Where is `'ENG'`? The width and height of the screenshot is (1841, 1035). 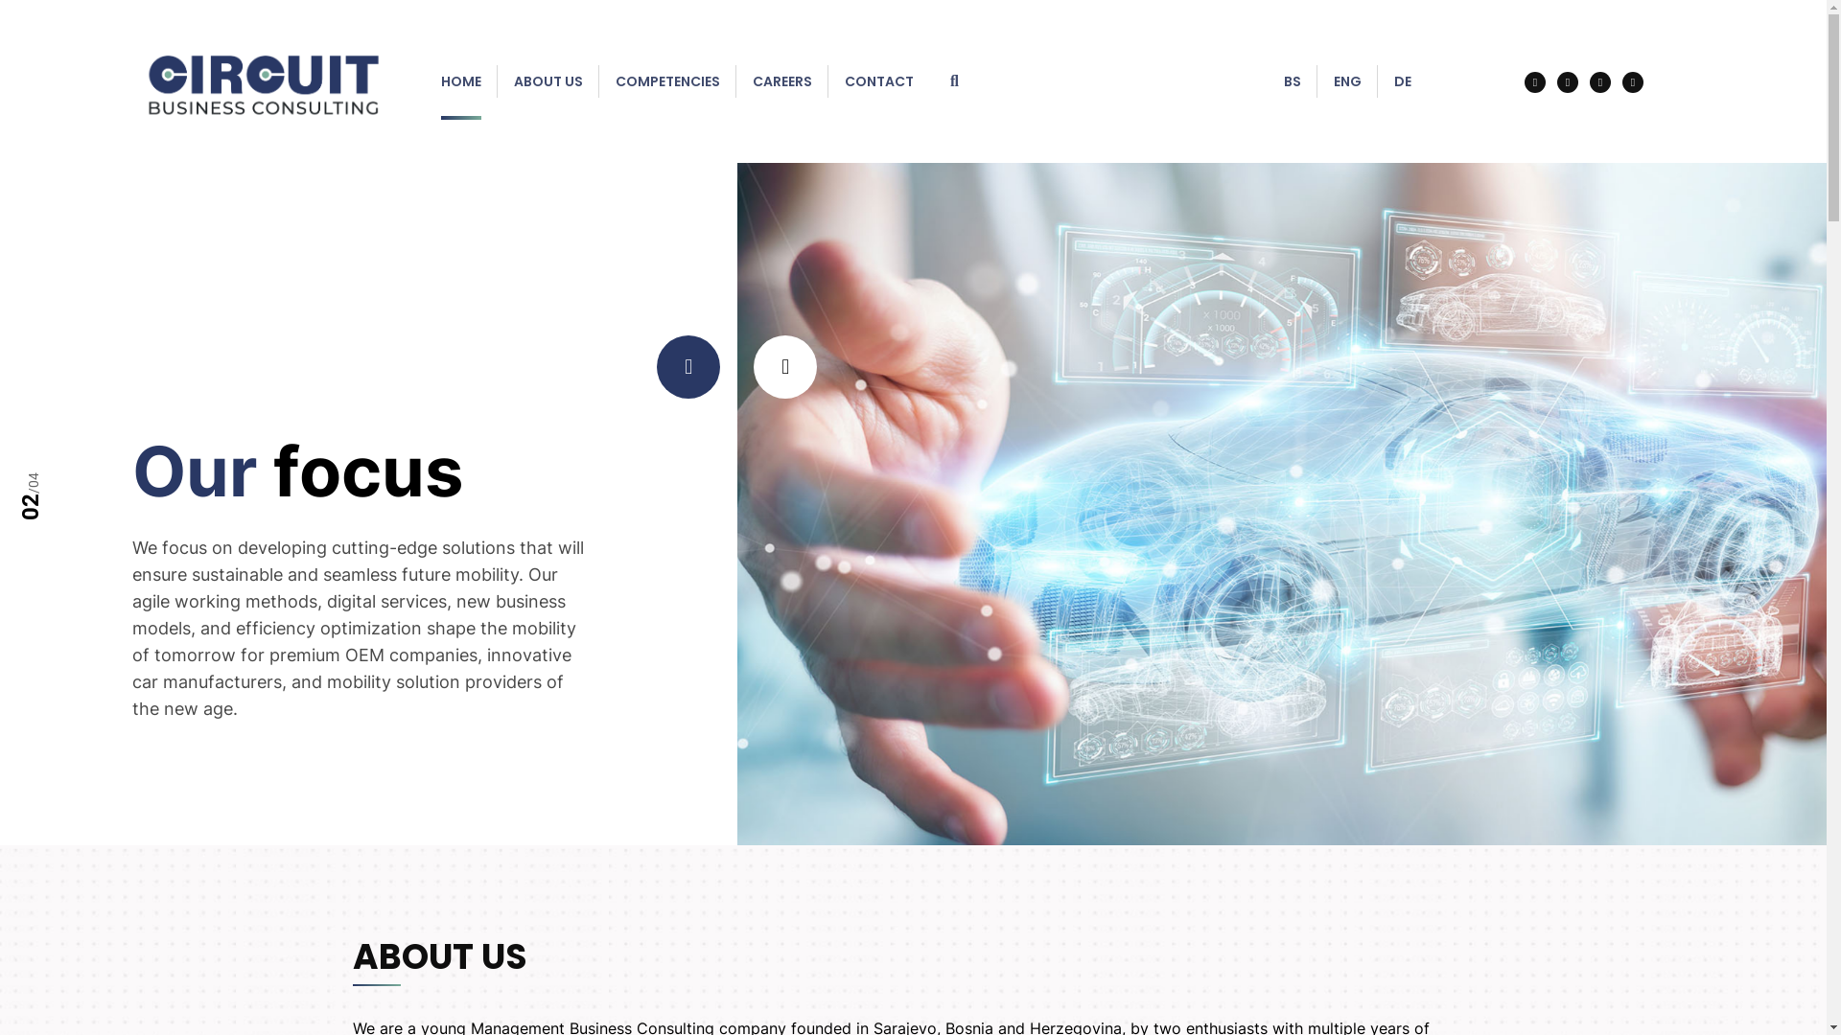
'ENG' is located at coordinates (1346, 80).